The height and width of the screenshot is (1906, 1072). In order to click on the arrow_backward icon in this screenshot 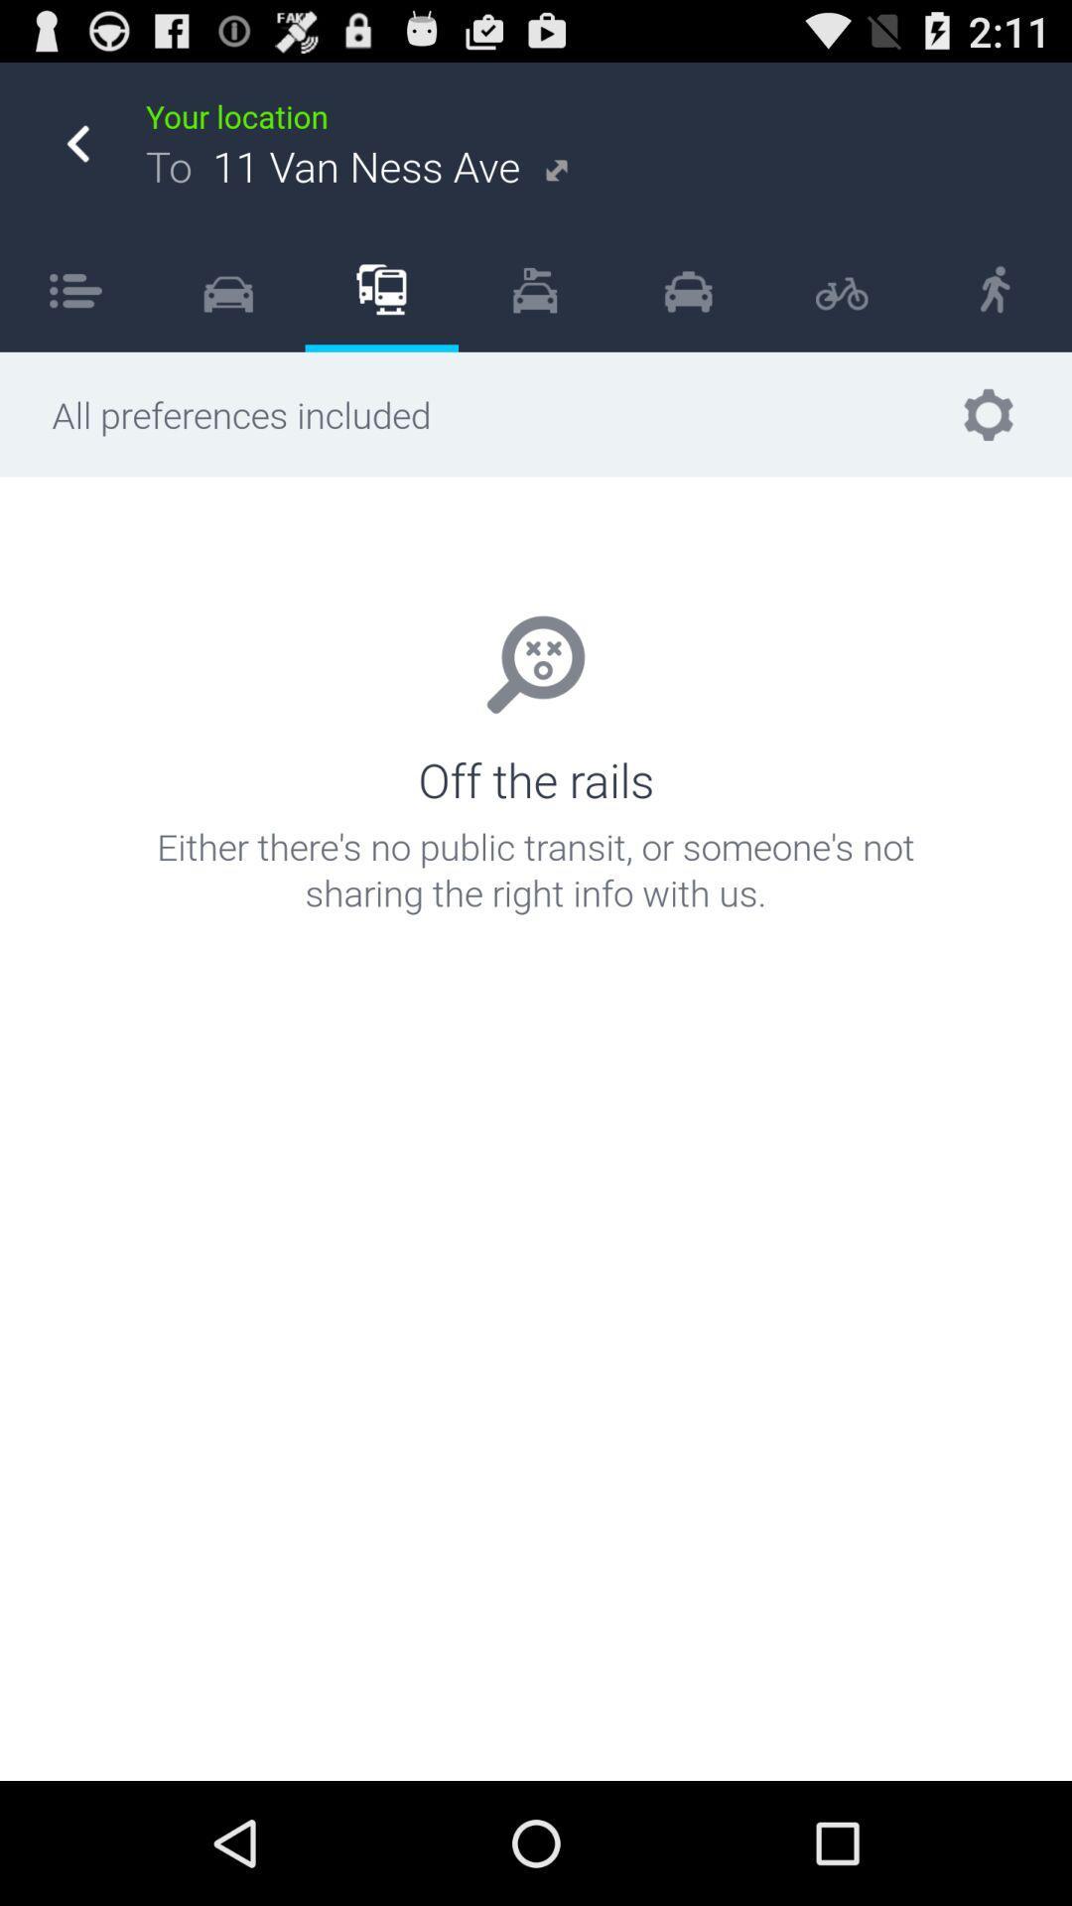, I will do `click(76, 154)`.